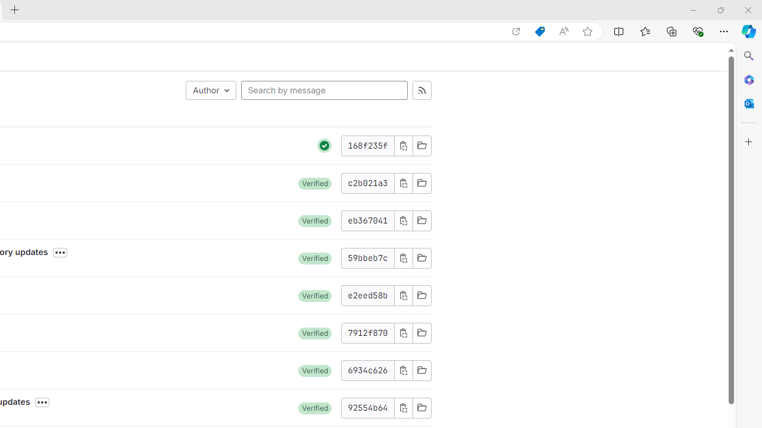  Describe the element at coordinates (720, 10) in the screenshot. I see `'Restore'` at that location.